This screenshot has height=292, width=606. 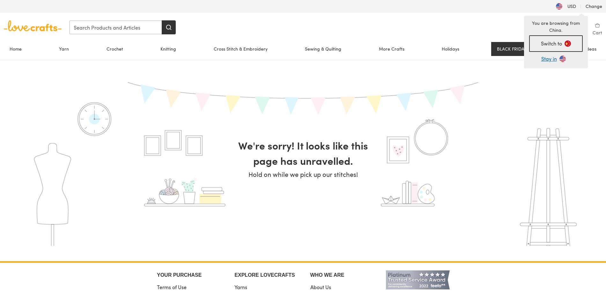 What do you see at coordinates (240, 286) in the screenshot?
I see `'Yarns'` at bounding box center [240, 286].